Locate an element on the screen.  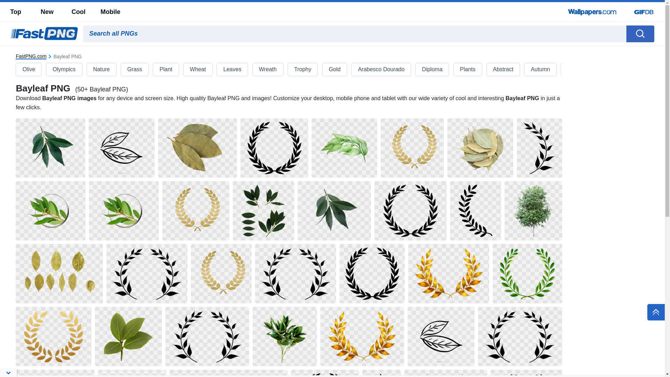
'Trophy' is located at coordinates (303, 69).